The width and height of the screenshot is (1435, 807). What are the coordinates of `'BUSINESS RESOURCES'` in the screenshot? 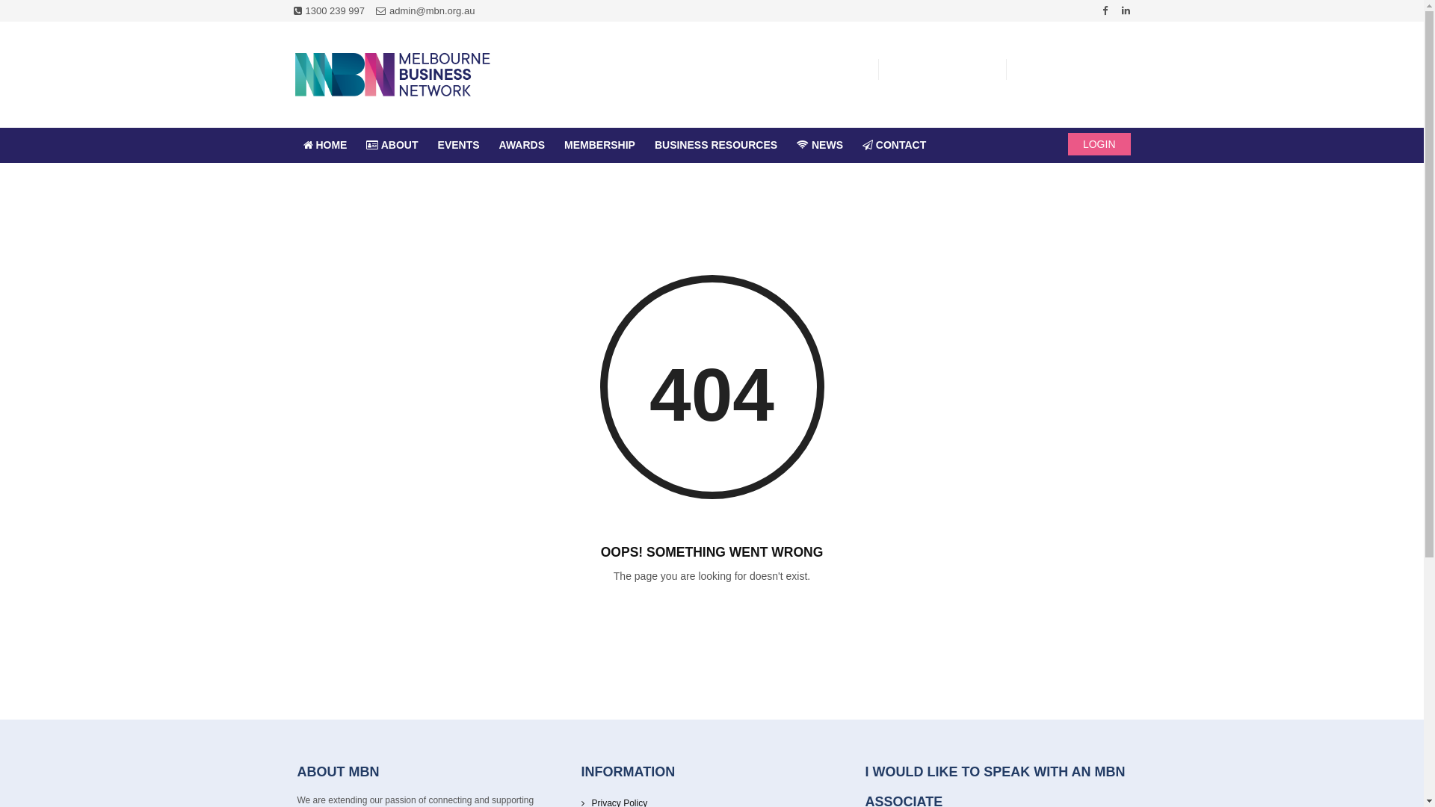 It's located at (645, 145).